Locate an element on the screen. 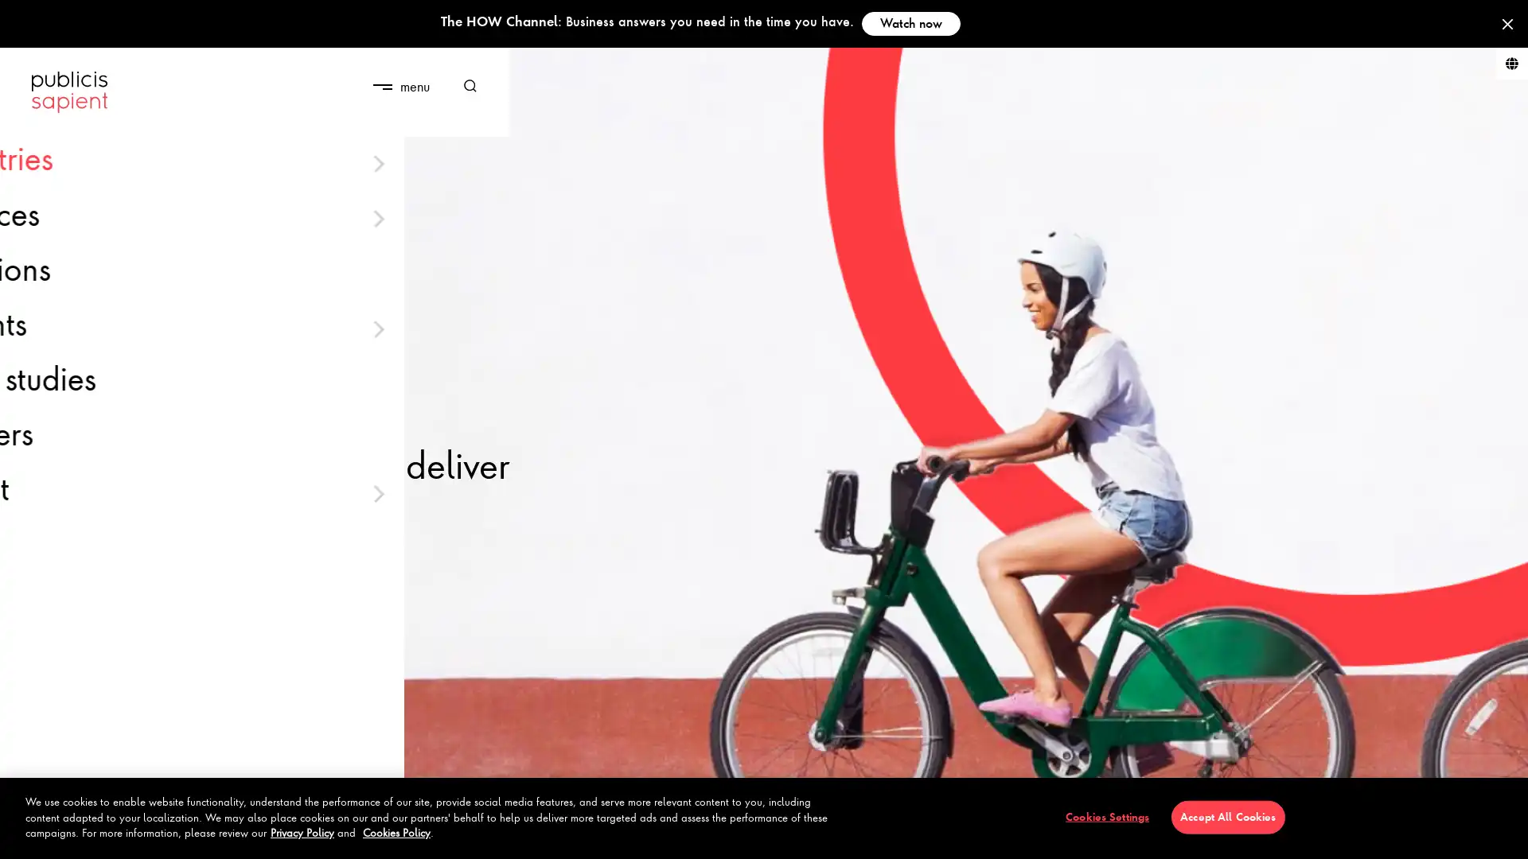 The width and height of the screenshot is (1528, 859). Accept All Cookies is located at coordinates (1226, 816).